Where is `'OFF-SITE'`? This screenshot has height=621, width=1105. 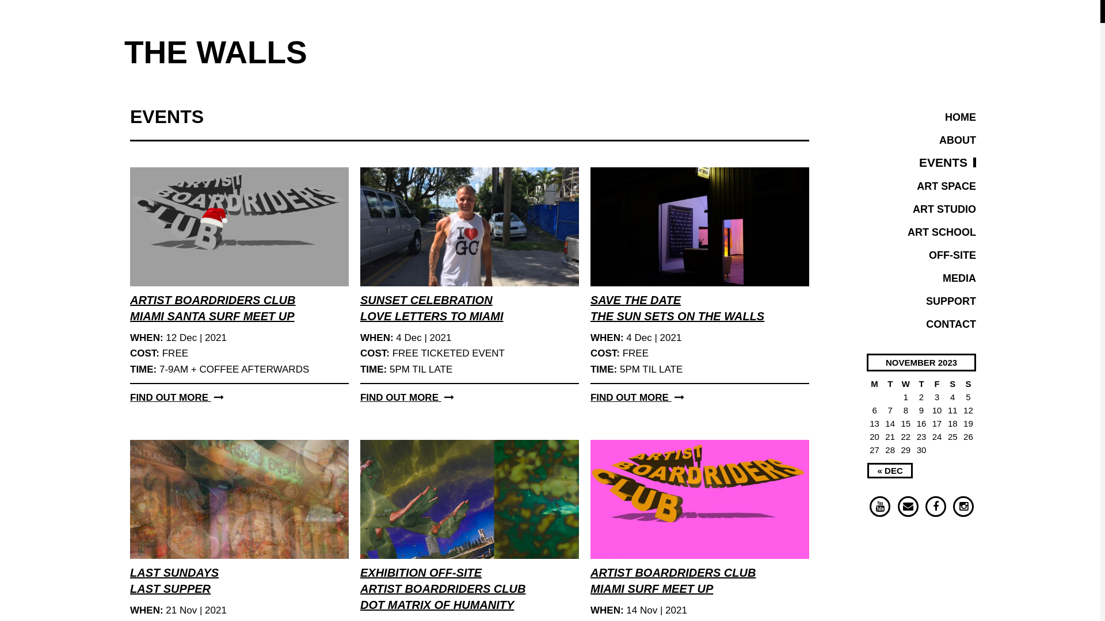
'OFF-SITE' is located at coordinates (928, 255).